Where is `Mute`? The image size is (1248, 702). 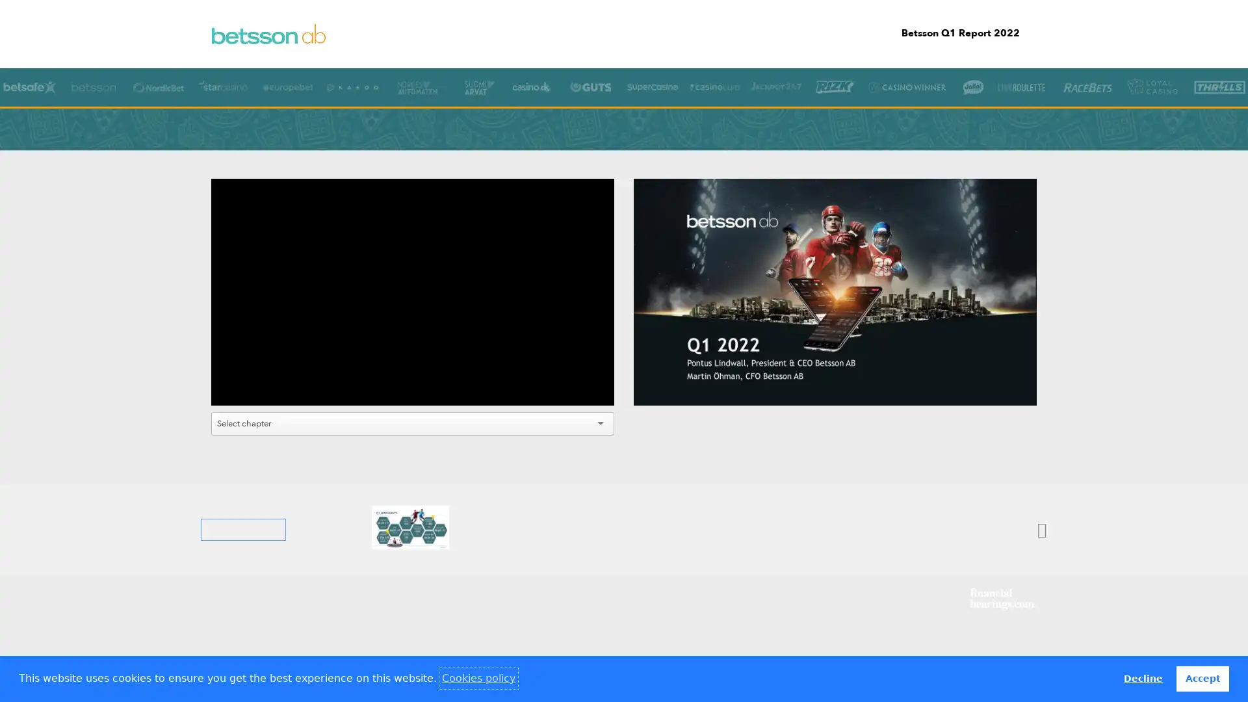 Mute is located at coordinates (250, 385).